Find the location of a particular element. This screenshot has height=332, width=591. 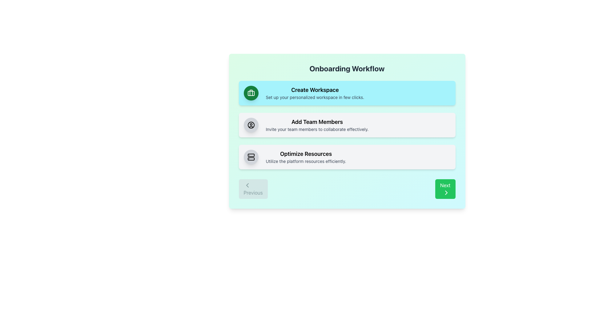

the static text providing additional context below the heading 'Optimize Resources' in the third card of the onboarding workflow is located at coordinates (306, 161).